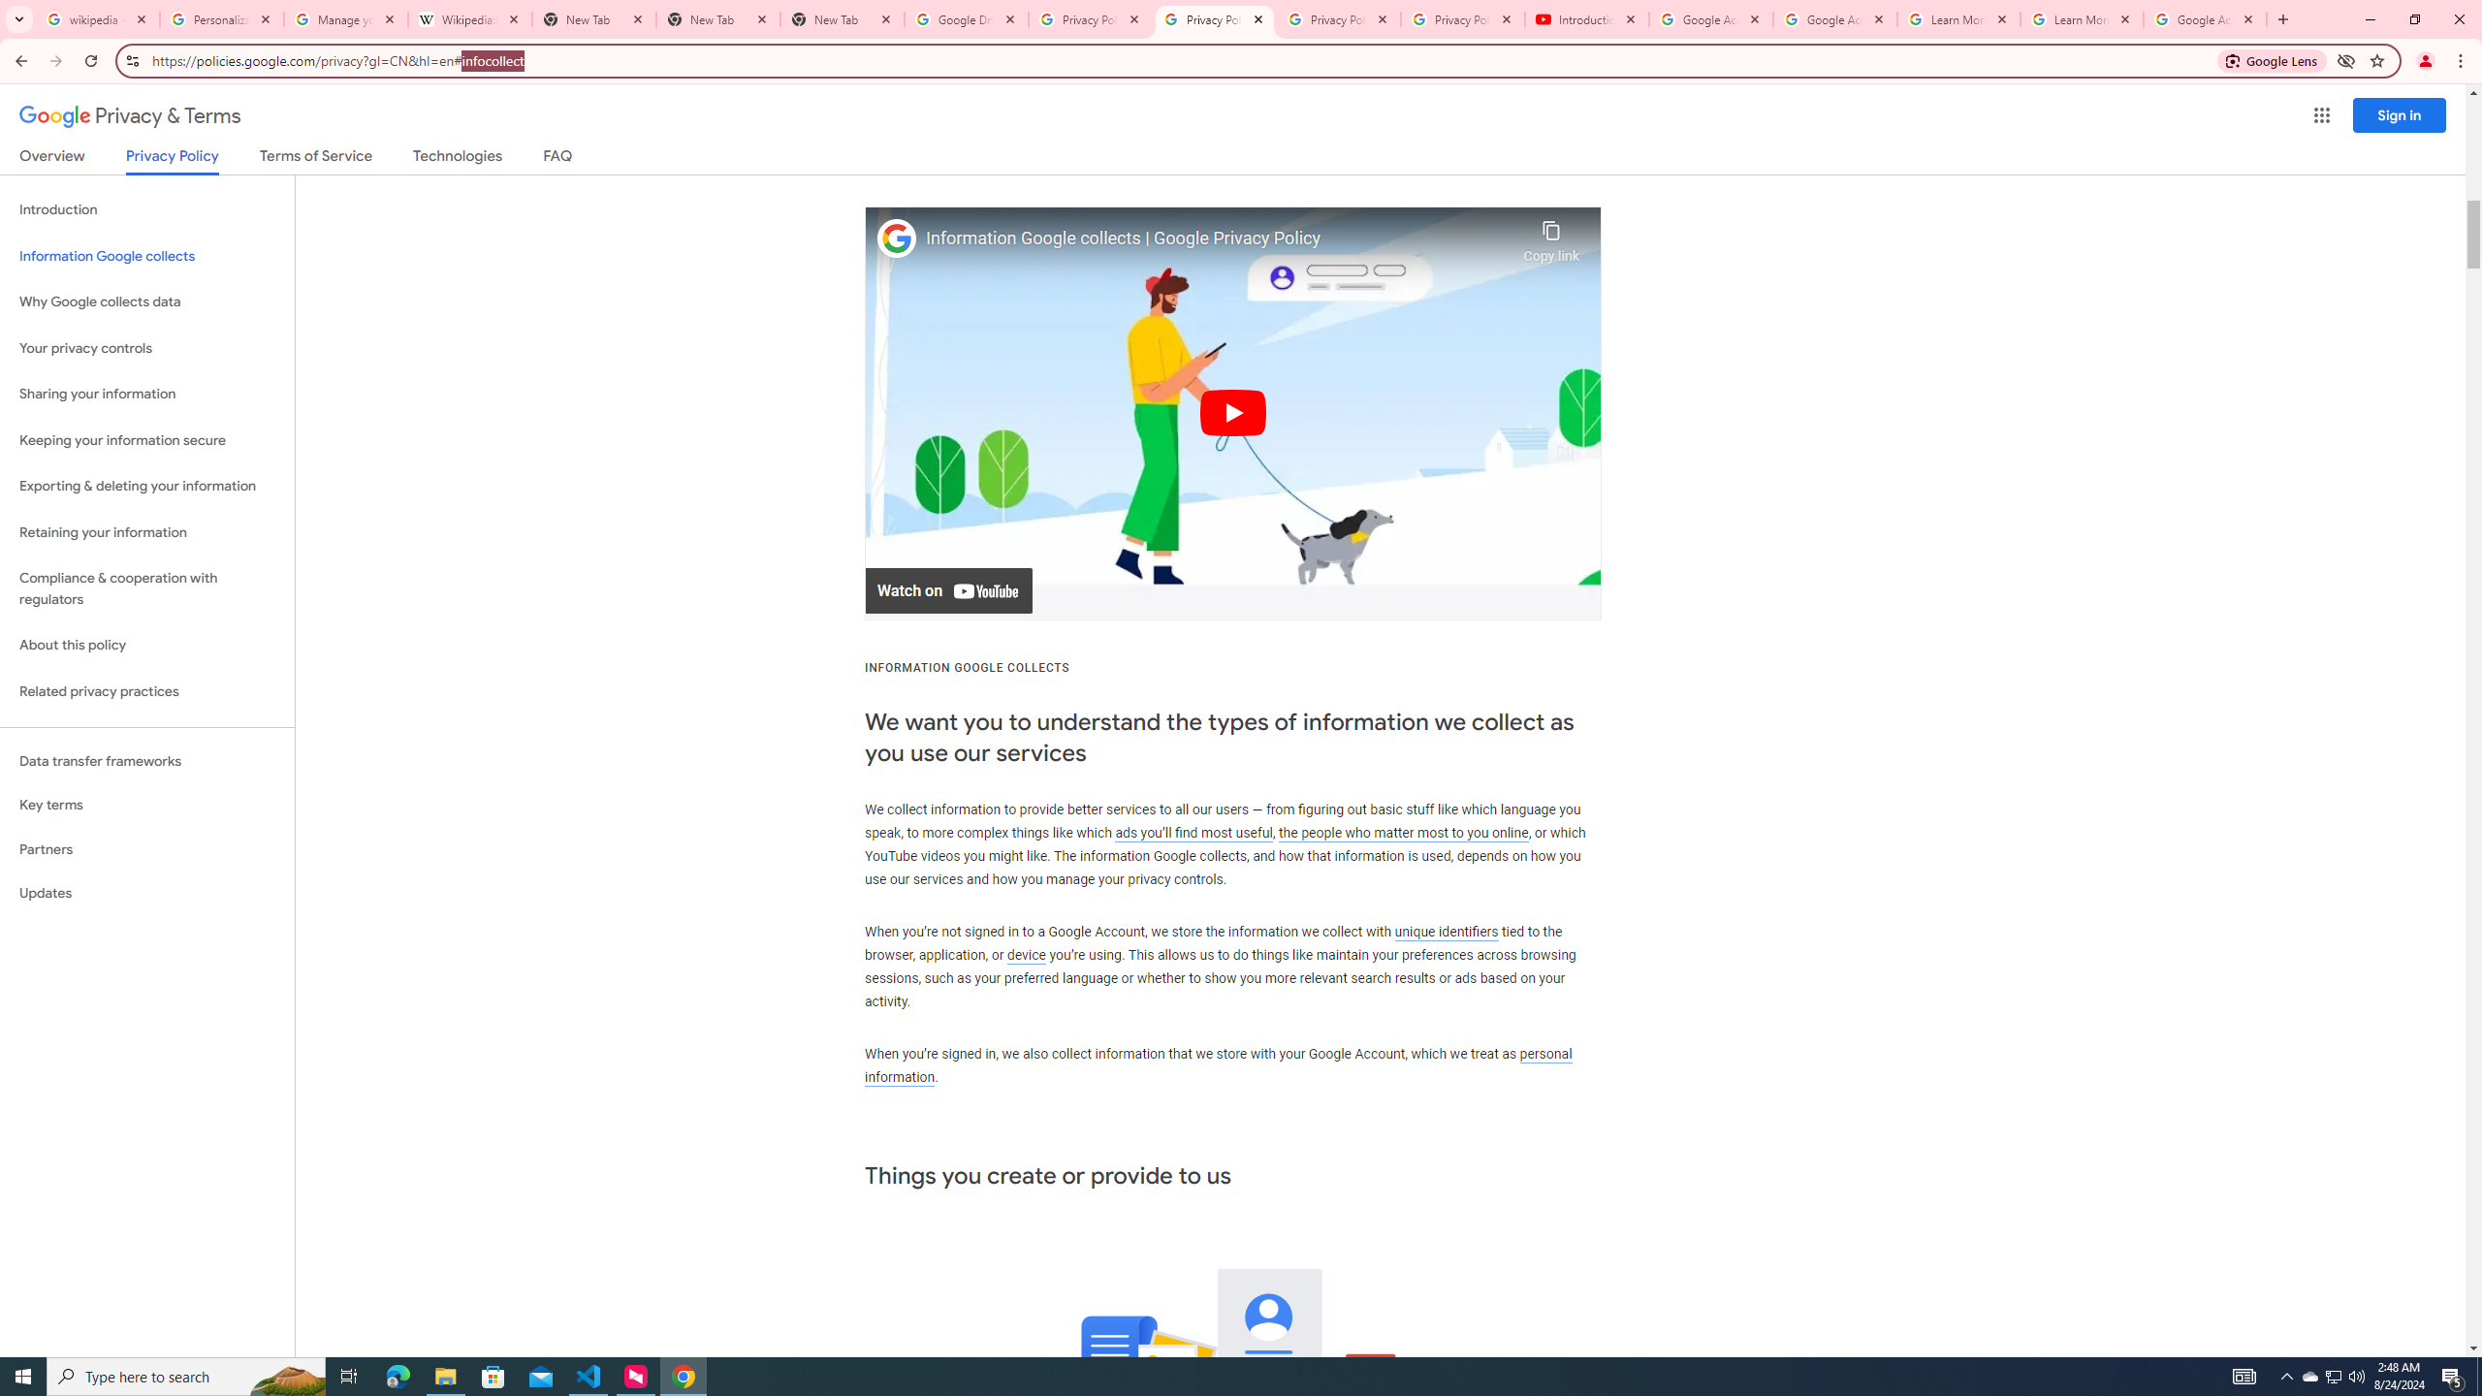  Describe the element at coordinates (146, 256) in the screenshot. I see `'Information Google collects'` at that location.